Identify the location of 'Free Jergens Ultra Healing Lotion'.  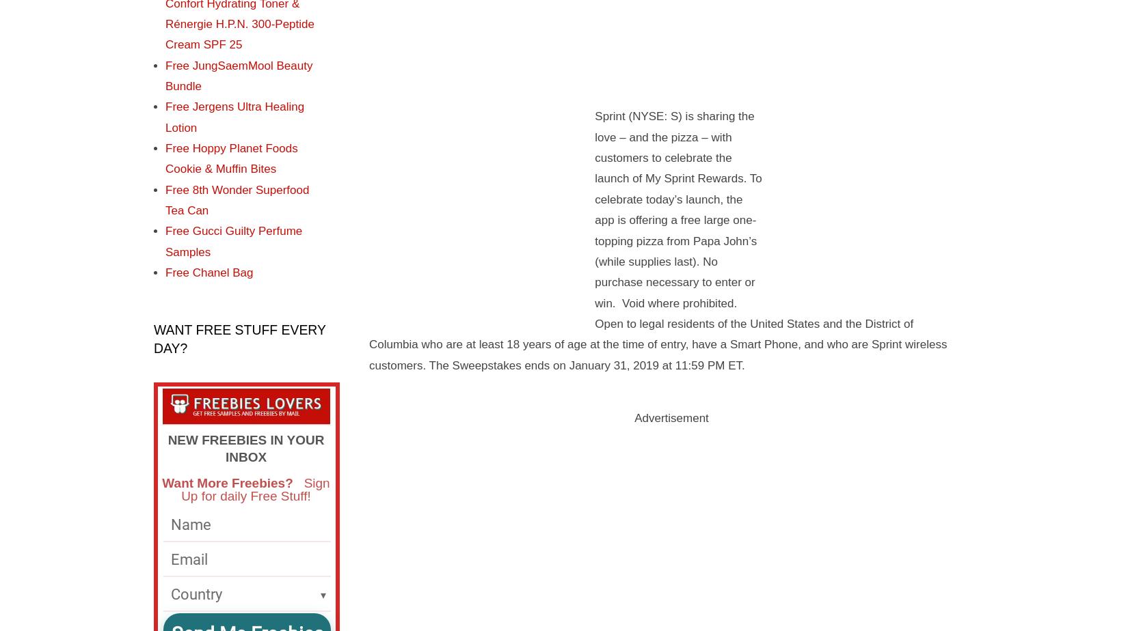
(165, 117).